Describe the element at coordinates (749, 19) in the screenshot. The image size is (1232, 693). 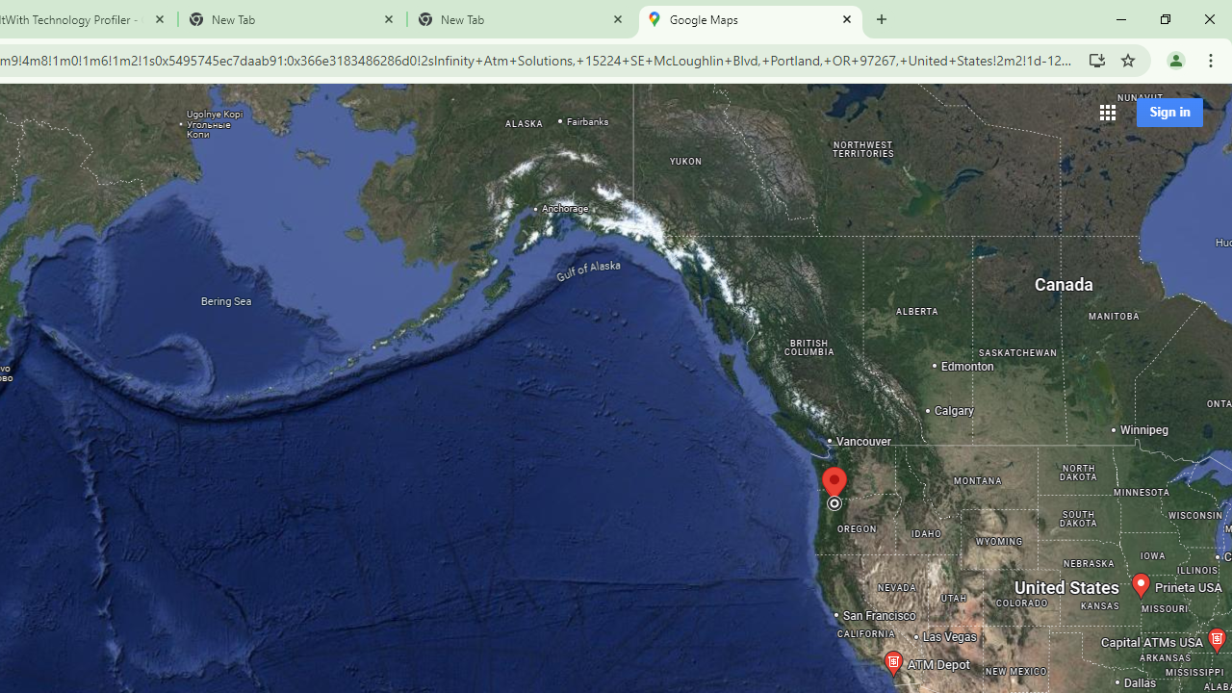
I see `'Google Maps'` at that location.